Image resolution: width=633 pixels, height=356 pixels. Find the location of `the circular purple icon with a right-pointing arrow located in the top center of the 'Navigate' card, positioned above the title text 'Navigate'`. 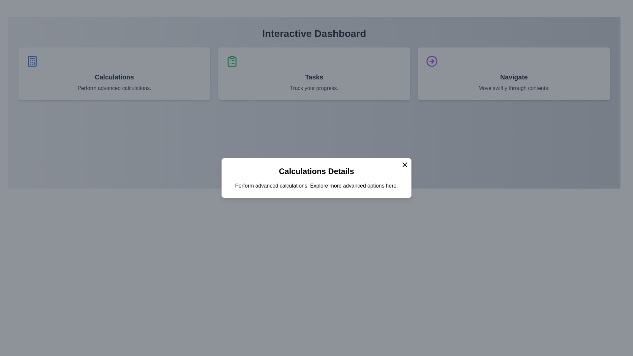

the circular purple icon with a right-pointing arrow located in the top center of the 'Navigate' card, positioned above the title text 'Navigate' is located at coordinates (432, 61).